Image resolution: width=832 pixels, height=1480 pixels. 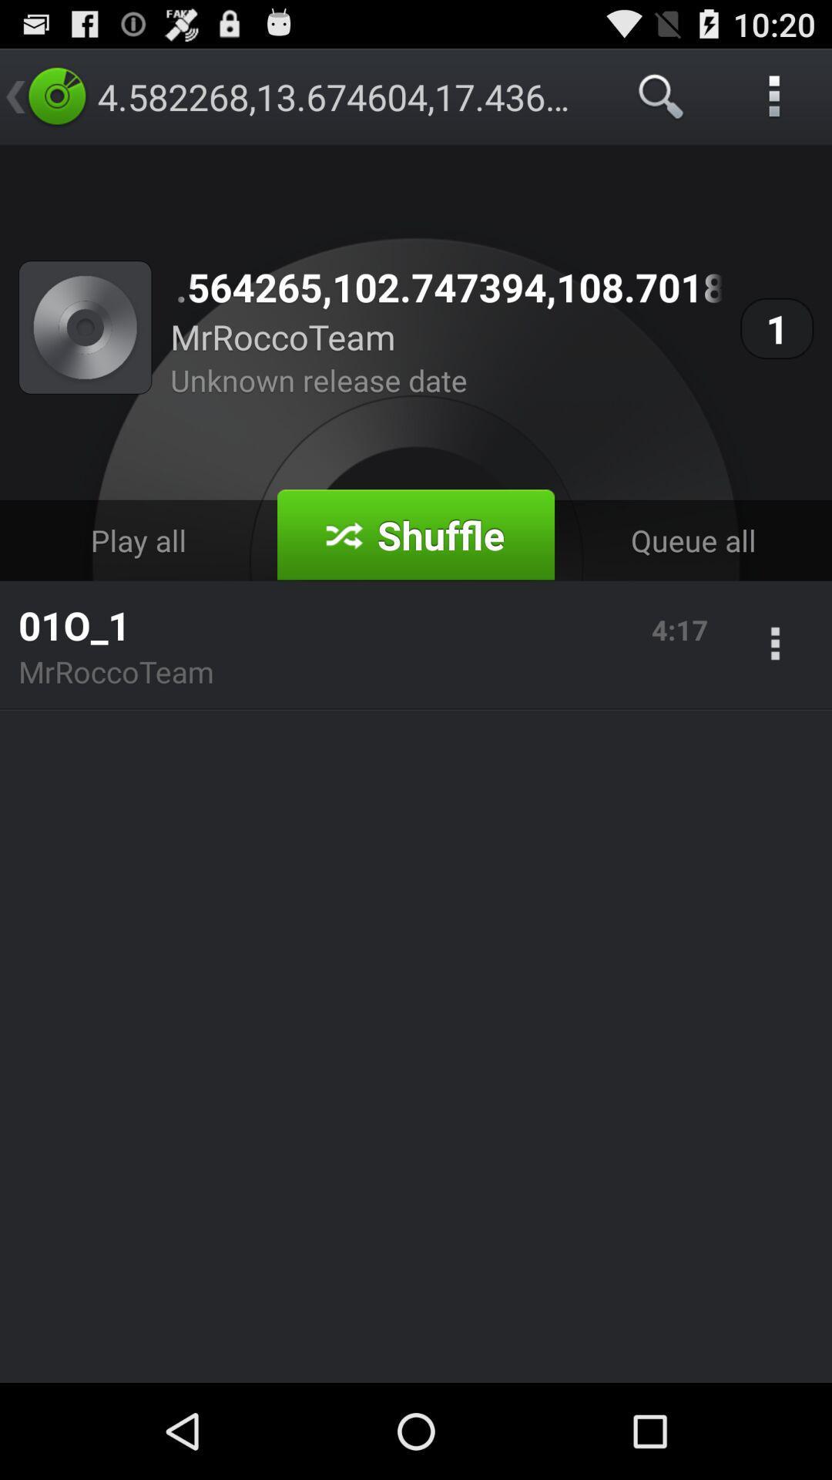 What do you see at coordinates (139, 540) in the screenshot?
I see `play all on the left` at bounding box center [139, 540].